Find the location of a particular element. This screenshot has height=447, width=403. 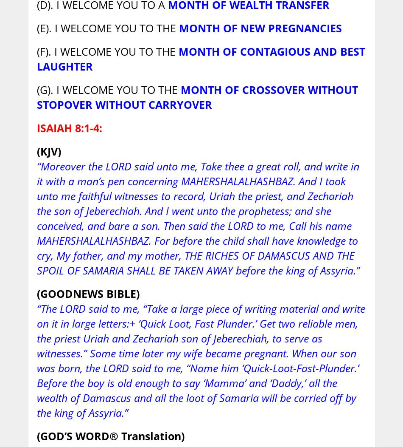

'MONTH OF CONTAGIOUS AND BEST LAUGHTER' is located at coordinates (200, 58).